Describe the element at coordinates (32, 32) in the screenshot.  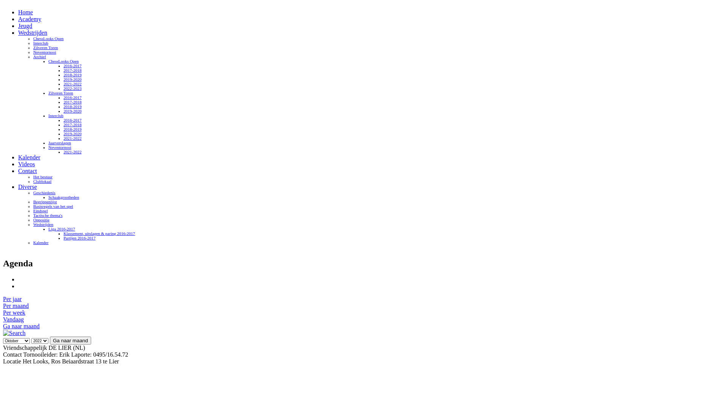
I see `'Wedstrijden'` at that location.